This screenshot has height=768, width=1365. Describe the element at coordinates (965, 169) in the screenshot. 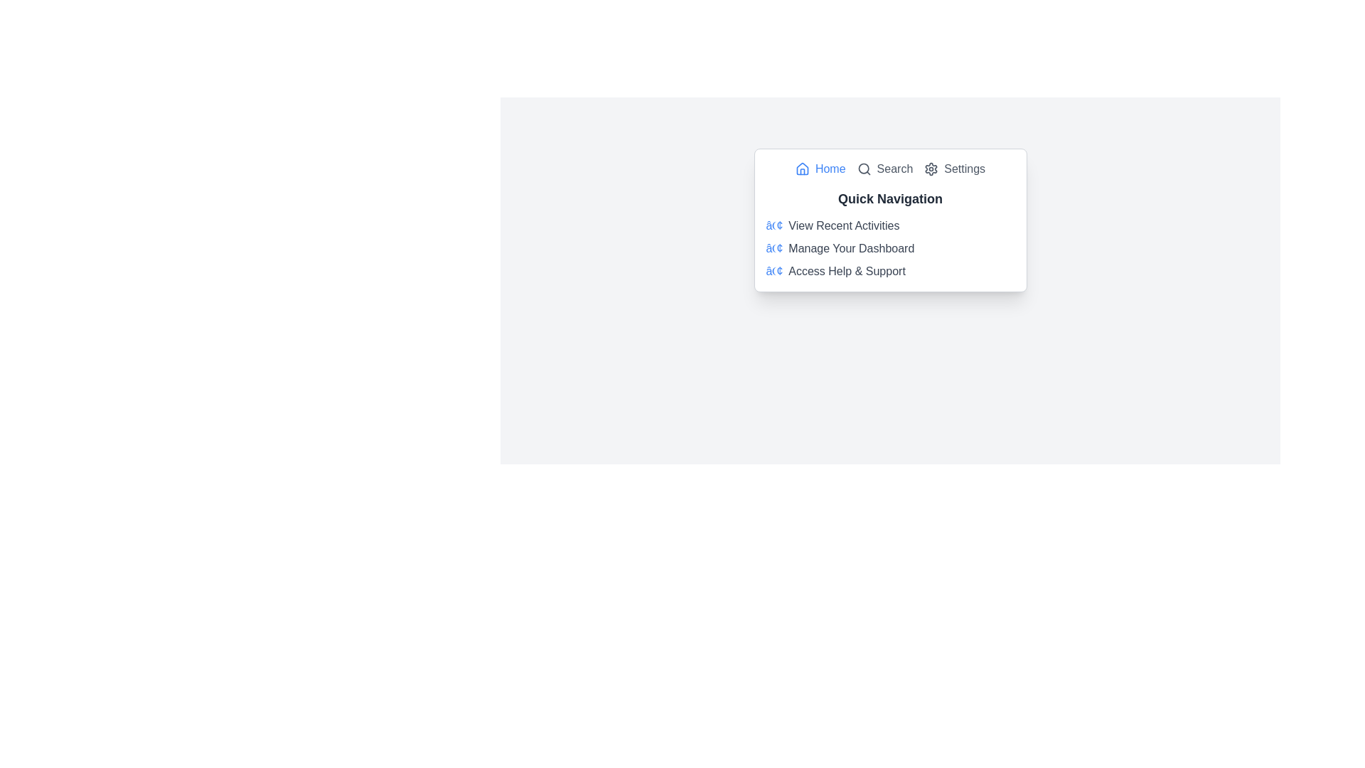

I see `the 'Settings' text link in the navigation bar` at that location.